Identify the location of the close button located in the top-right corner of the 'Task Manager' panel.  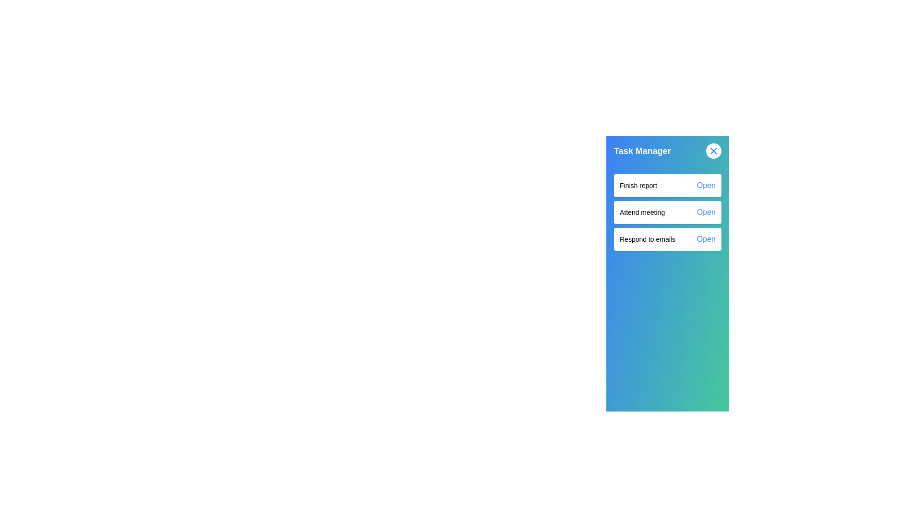
(714, 151).